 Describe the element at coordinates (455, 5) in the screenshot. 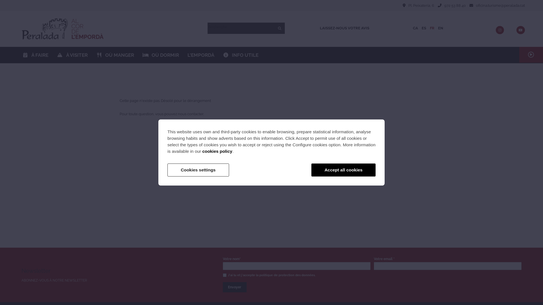

I see `'972 53 88 40'` at that location.